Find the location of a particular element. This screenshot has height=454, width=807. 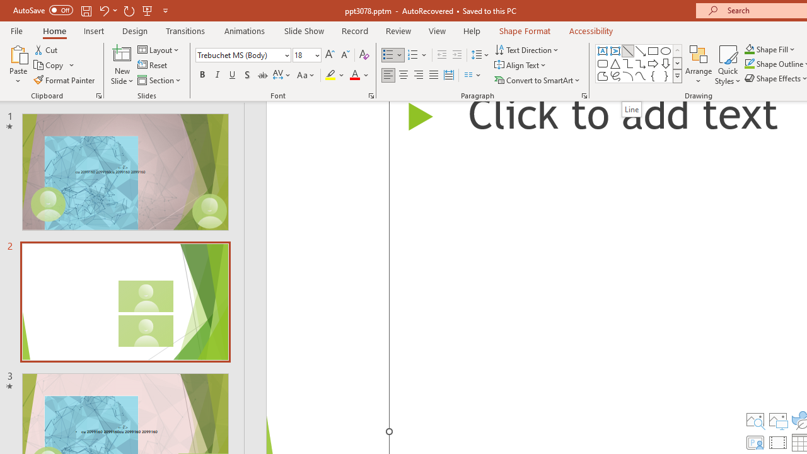

'Office Clipboard...' is located at coordinates (98, 95).